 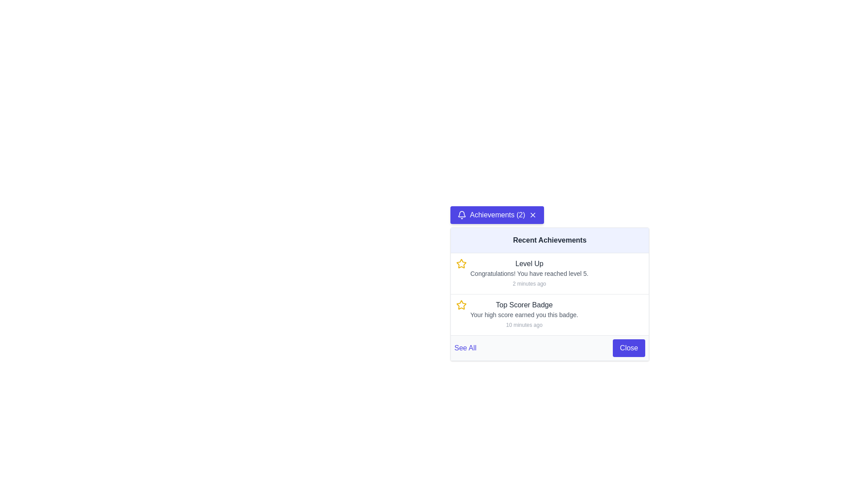 What do you see at coordinates (524, 314) in the screenshot?
I see `the text element that reads 'Your high score earned you this badge.' styled in gray color and smaller font size, located in the modal dialog under 'Recent Achievements'` at bounding box center [524, 314].